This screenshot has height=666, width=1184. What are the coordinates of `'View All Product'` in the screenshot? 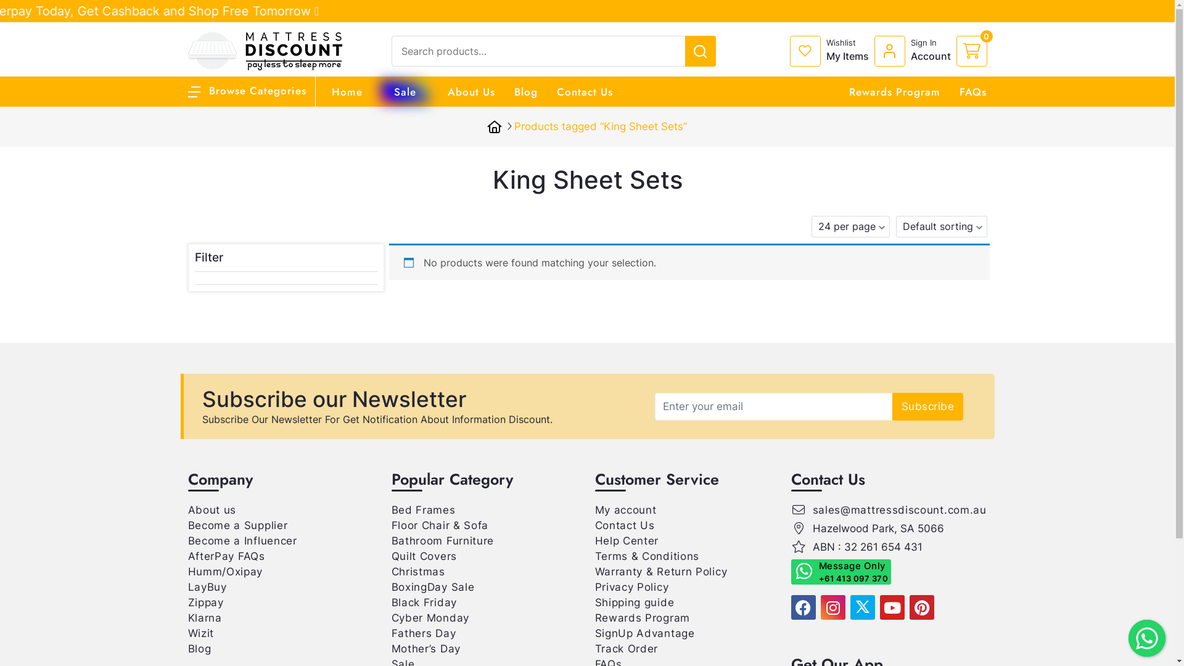 It's located at (1078, 9).